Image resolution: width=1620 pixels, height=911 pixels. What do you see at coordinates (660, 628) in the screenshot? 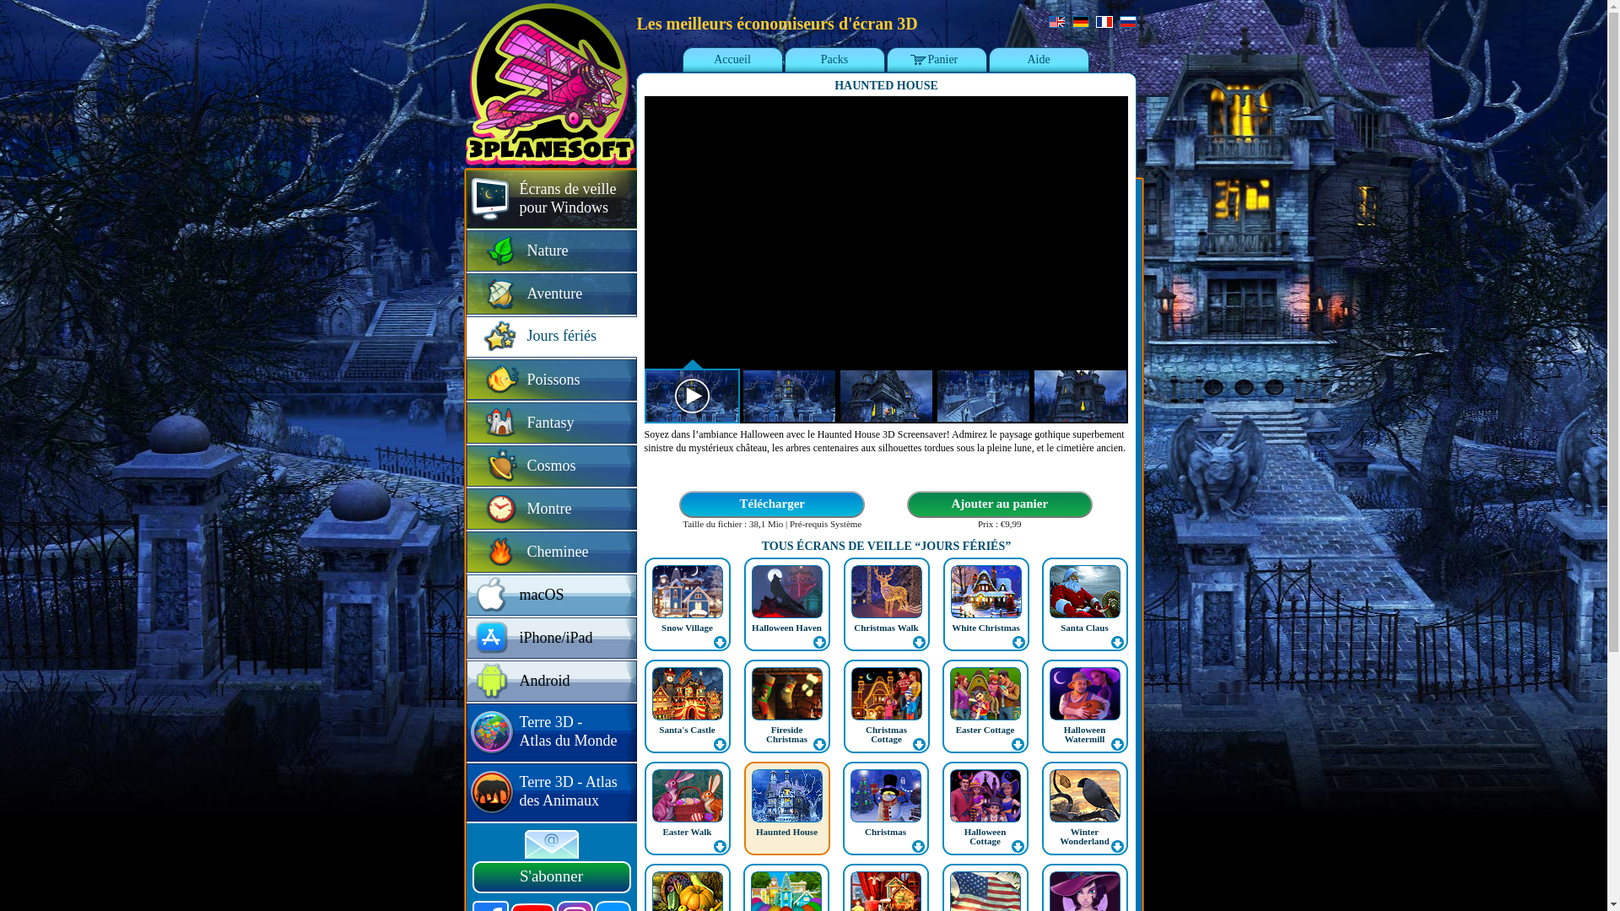
I see `'Snow Village'` at bounding box center [660, 628].